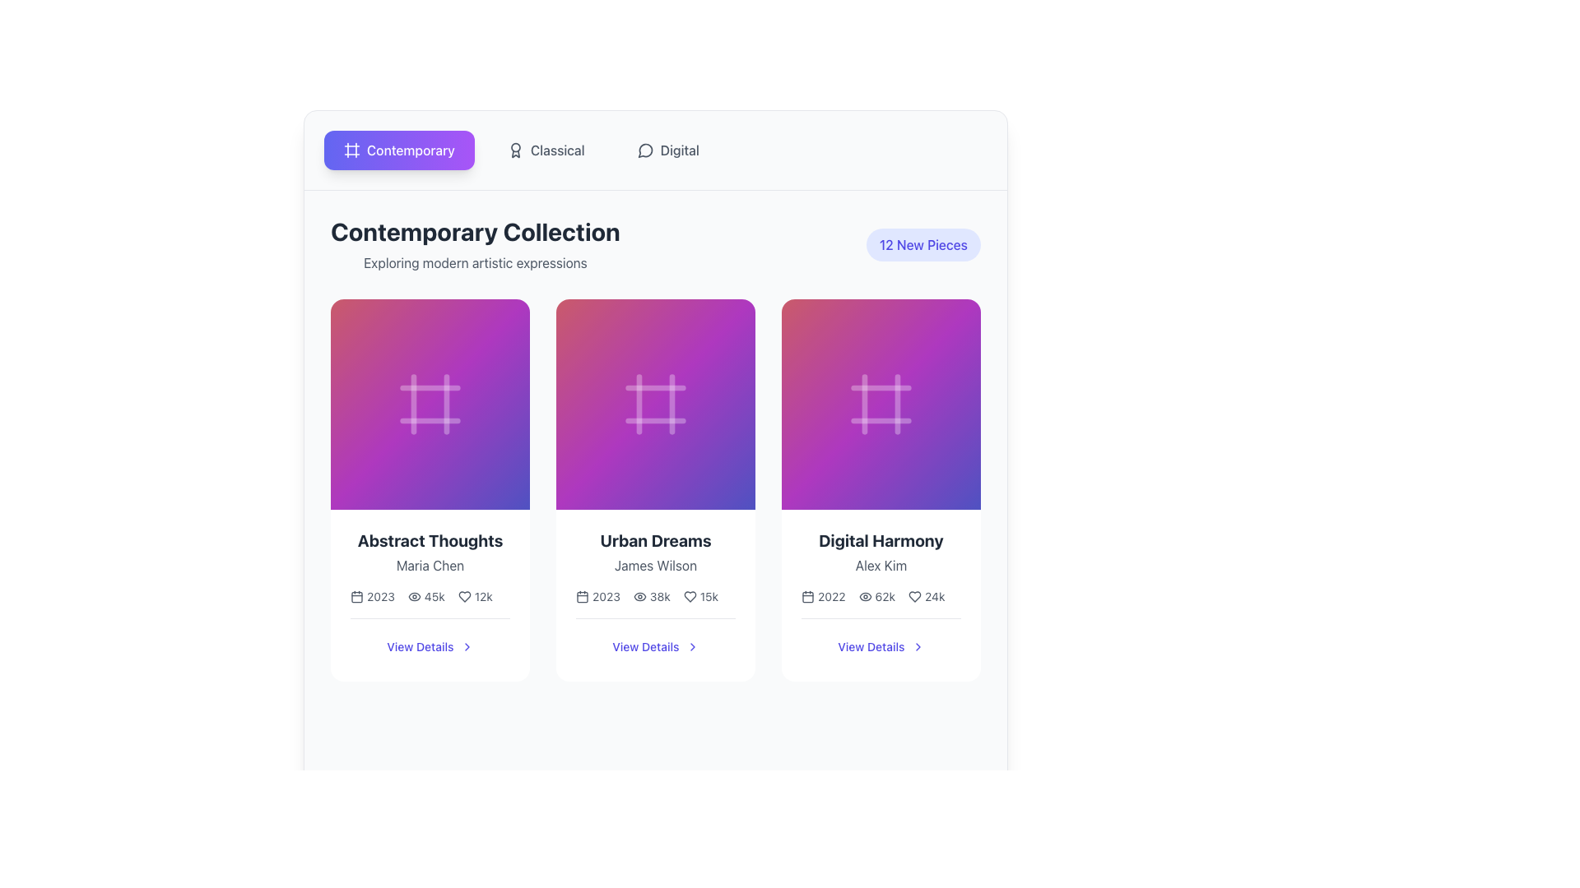 The image size is (1580, 888). What do you see at coordinates (880, 541) in the screenshot?
I see `title text label that serves as the primary identifier for the card content, positioned above the subtitle 'Alex Kim' in the third column of the grid` at bounding box center [880, 541].